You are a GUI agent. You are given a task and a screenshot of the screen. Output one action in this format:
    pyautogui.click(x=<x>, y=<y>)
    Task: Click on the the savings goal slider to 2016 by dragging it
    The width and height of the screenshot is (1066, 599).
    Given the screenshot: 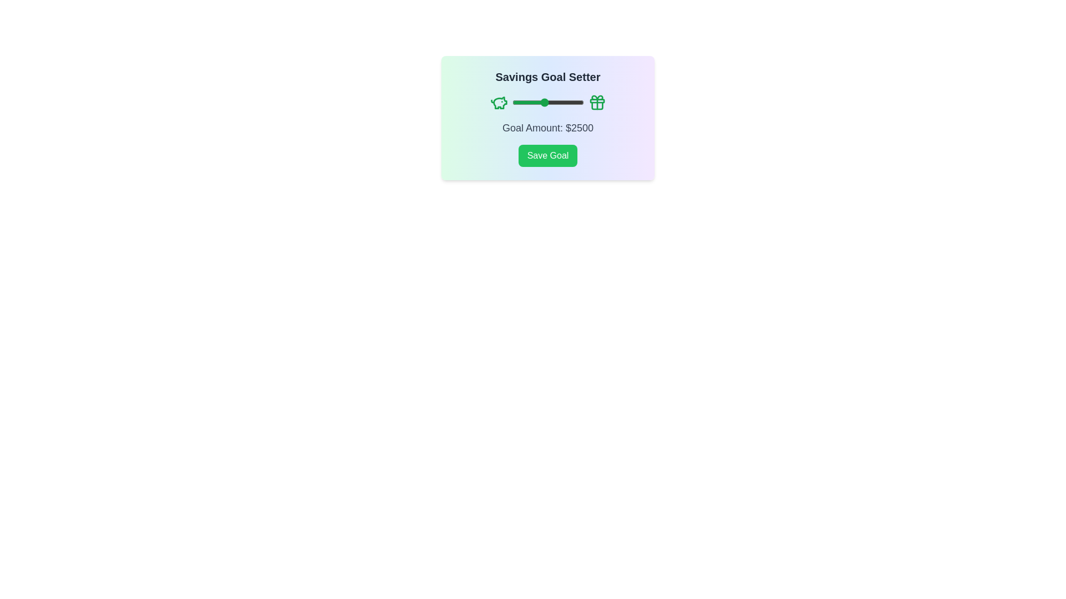 What is the action you would take?
    pyautogui.click(x=536, y=103)
    